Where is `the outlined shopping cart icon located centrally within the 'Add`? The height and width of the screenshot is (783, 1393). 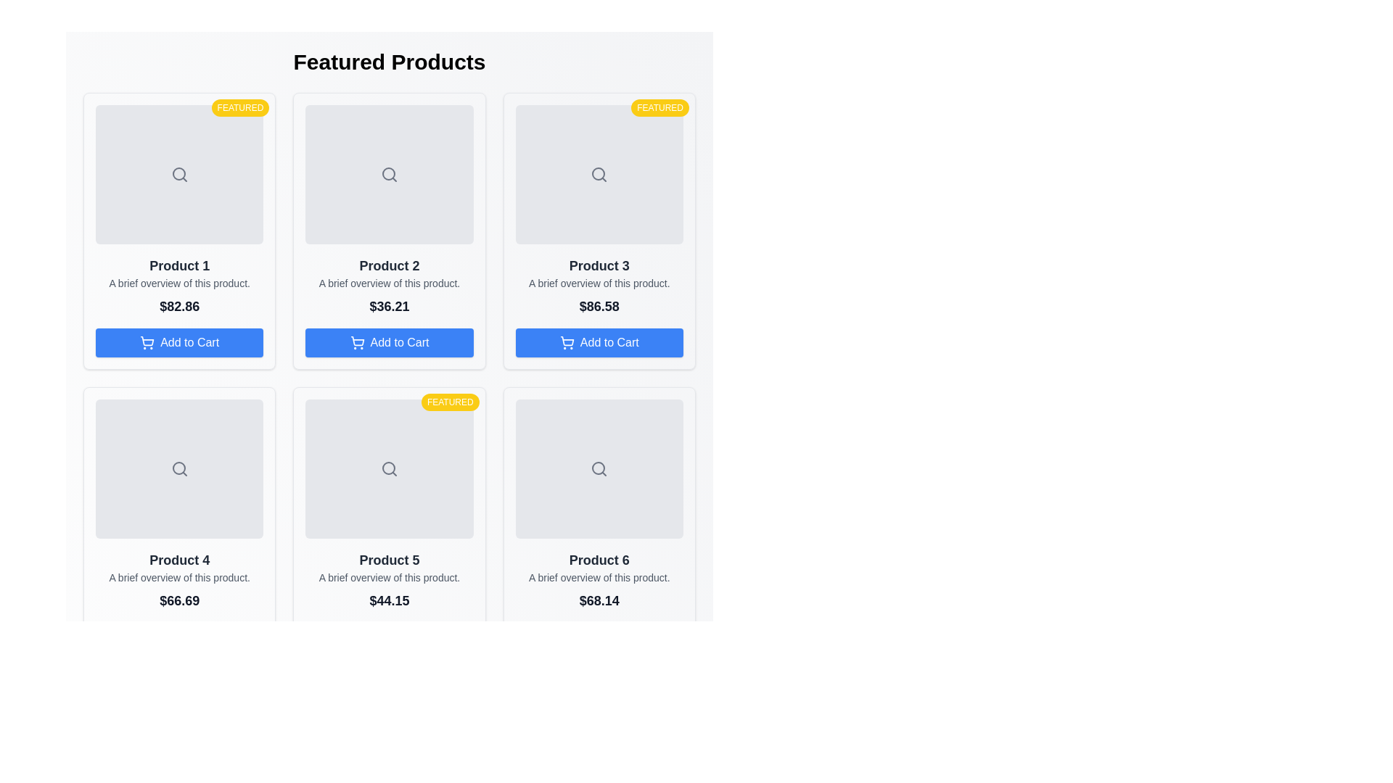 the outlined shopping cart icon located centrally within the 'Add is located at coordinates (357, 341).